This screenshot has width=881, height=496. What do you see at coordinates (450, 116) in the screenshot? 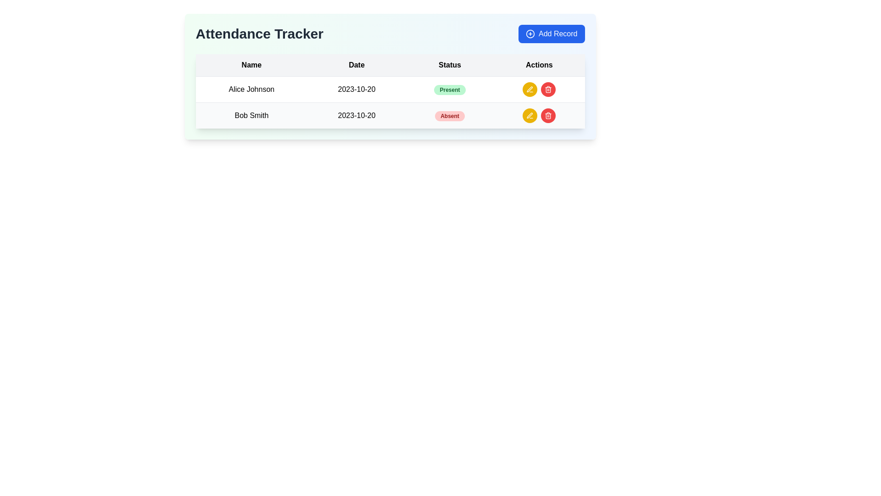
I see `the pill-shaped badge containing the text 'Absent' with a red background, located in the 'Status' column of the second row for 'Bob Smith'` at bounding box center [450, 116].